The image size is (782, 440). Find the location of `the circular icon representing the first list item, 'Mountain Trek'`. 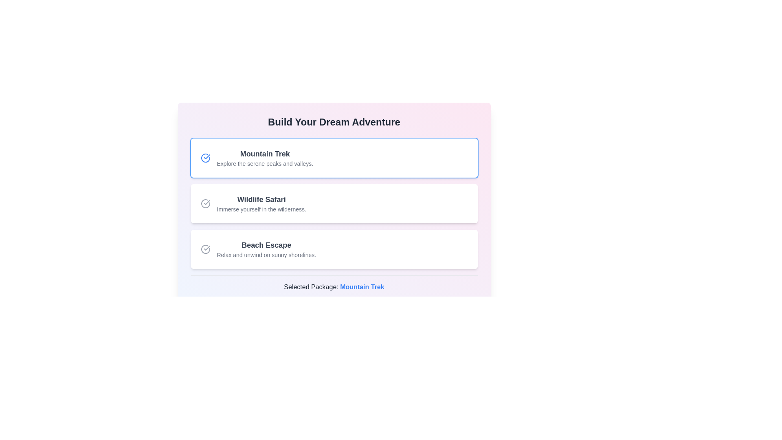

the circular icon representing the first list item, 'Mountain Trek' is located at coordinates (205, 158).